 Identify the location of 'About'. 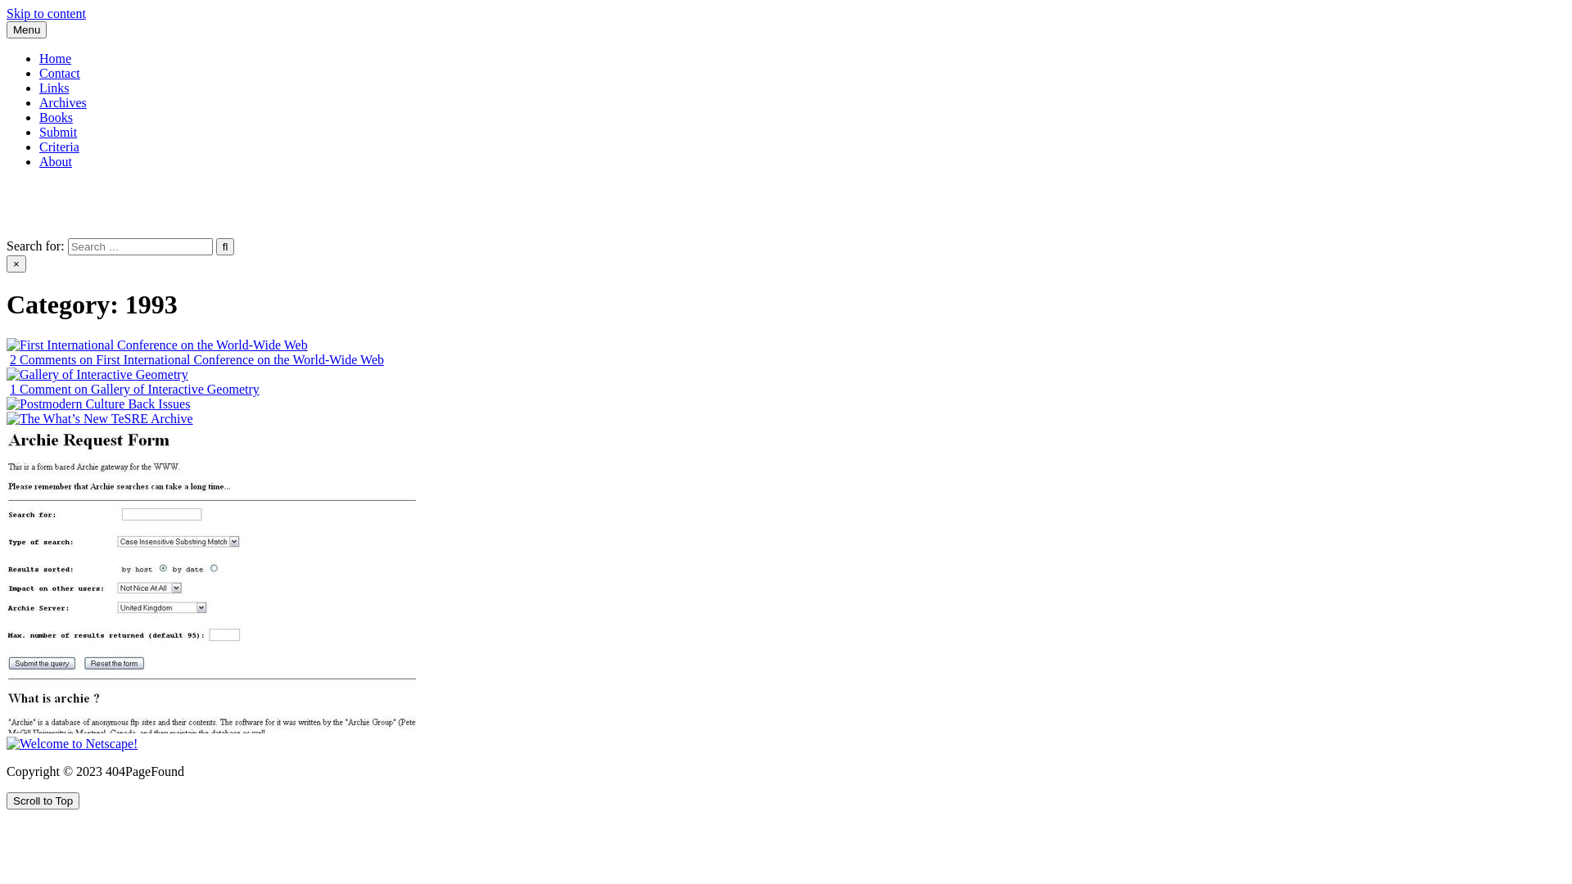
(55, 161).